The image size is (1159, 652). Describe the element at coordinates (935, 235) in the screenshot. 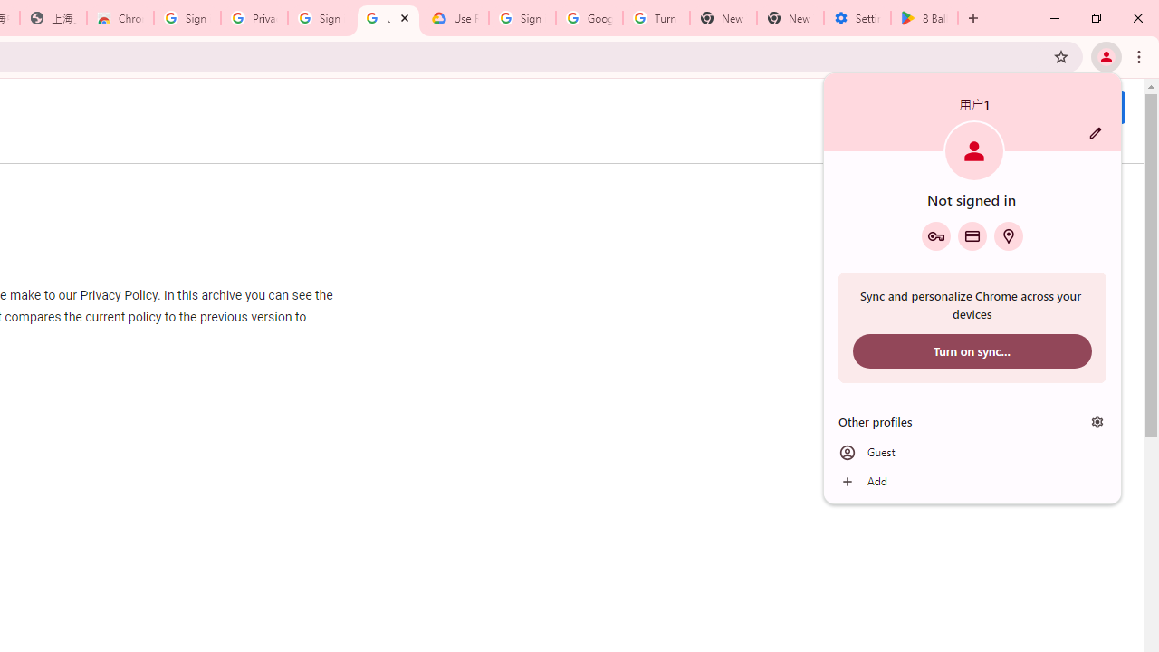

I see `'Google Password Manager'` at that location.